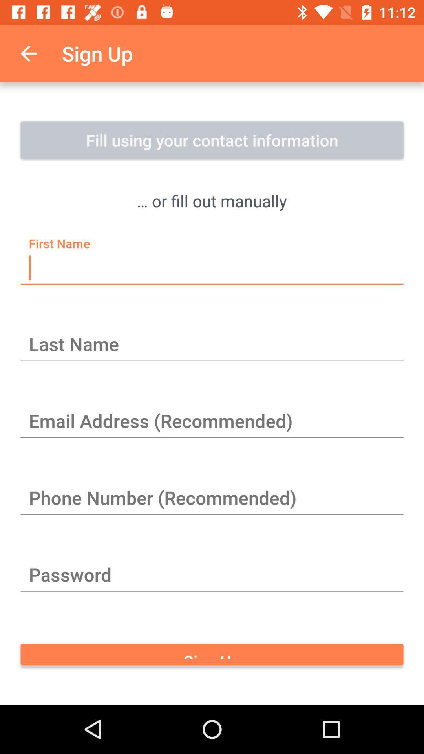 This screenshot has height=754, width=424. I want to click on the app next to sign up item, so click(28, 53).